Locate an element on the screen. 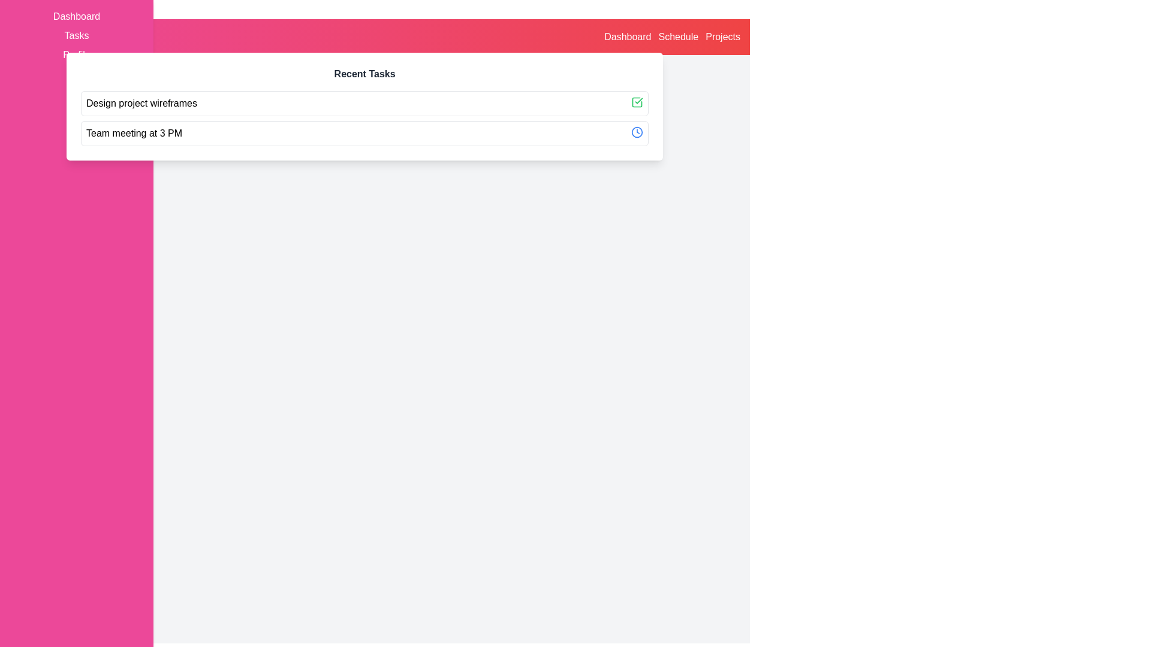  graphical details of the green checklist icon, which is the first icon in the 'Recent Tasks' list, located to the far right of the first task item is located at coordinates (637, 101).